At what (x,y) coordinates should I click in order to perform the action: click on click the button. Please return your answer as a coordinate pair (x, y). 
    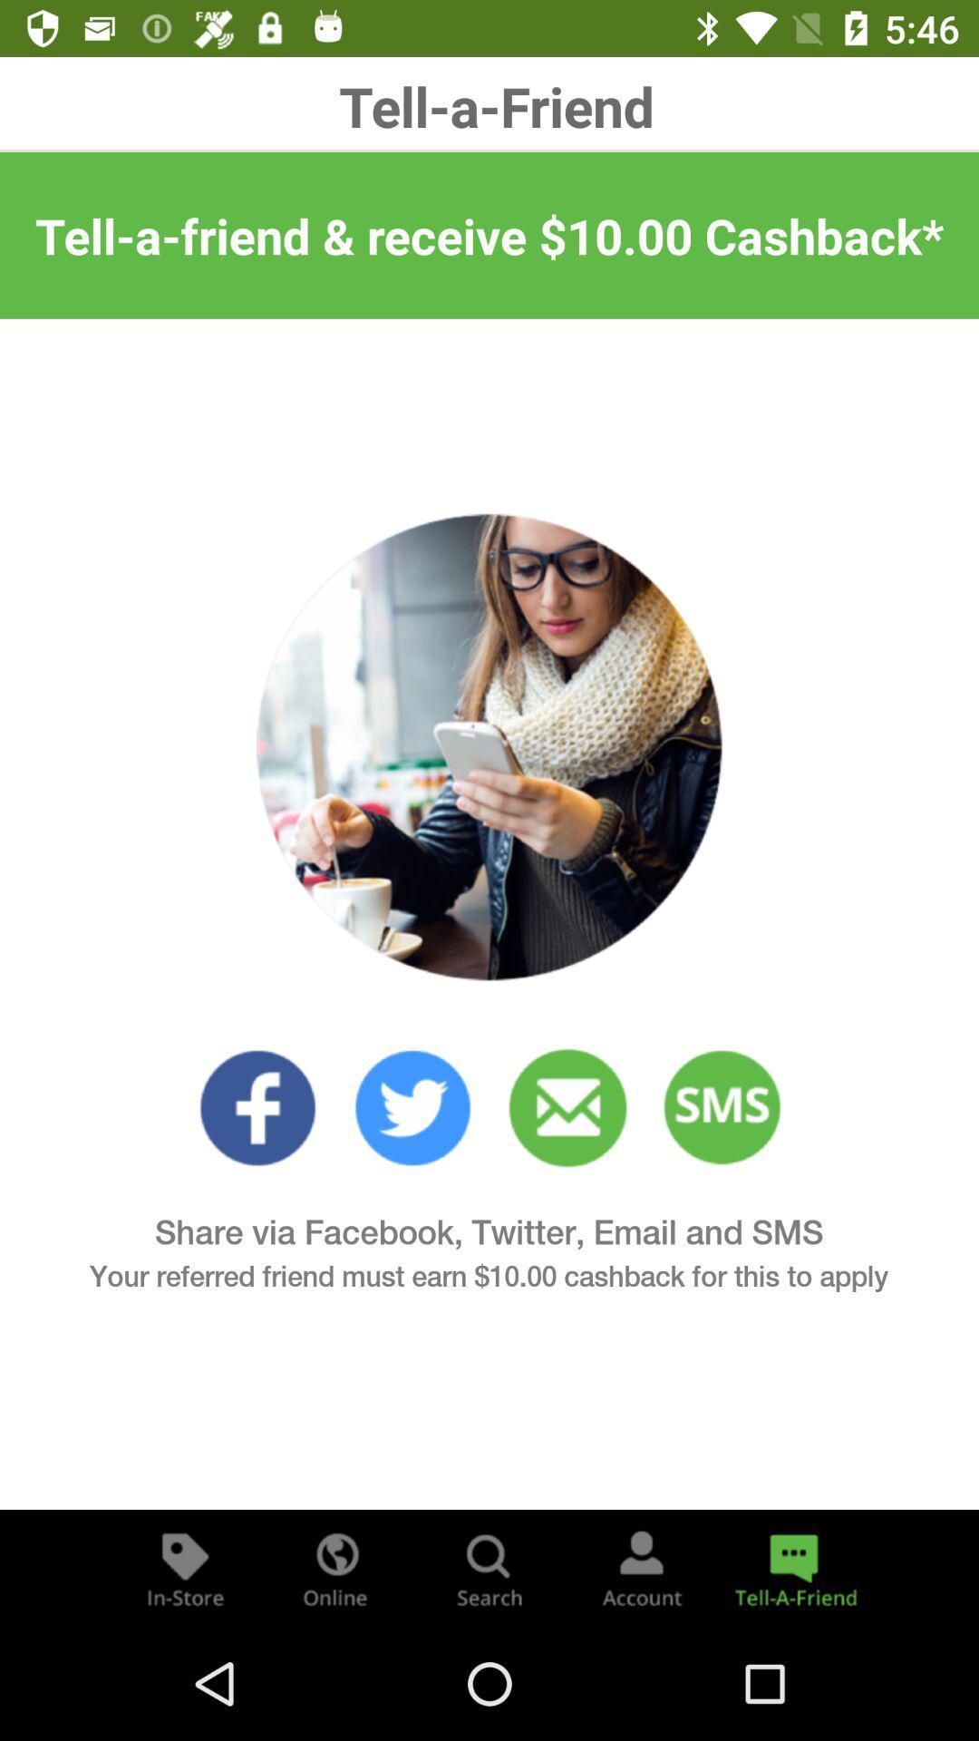
    Looking at the image, I should click on (185, 1567).